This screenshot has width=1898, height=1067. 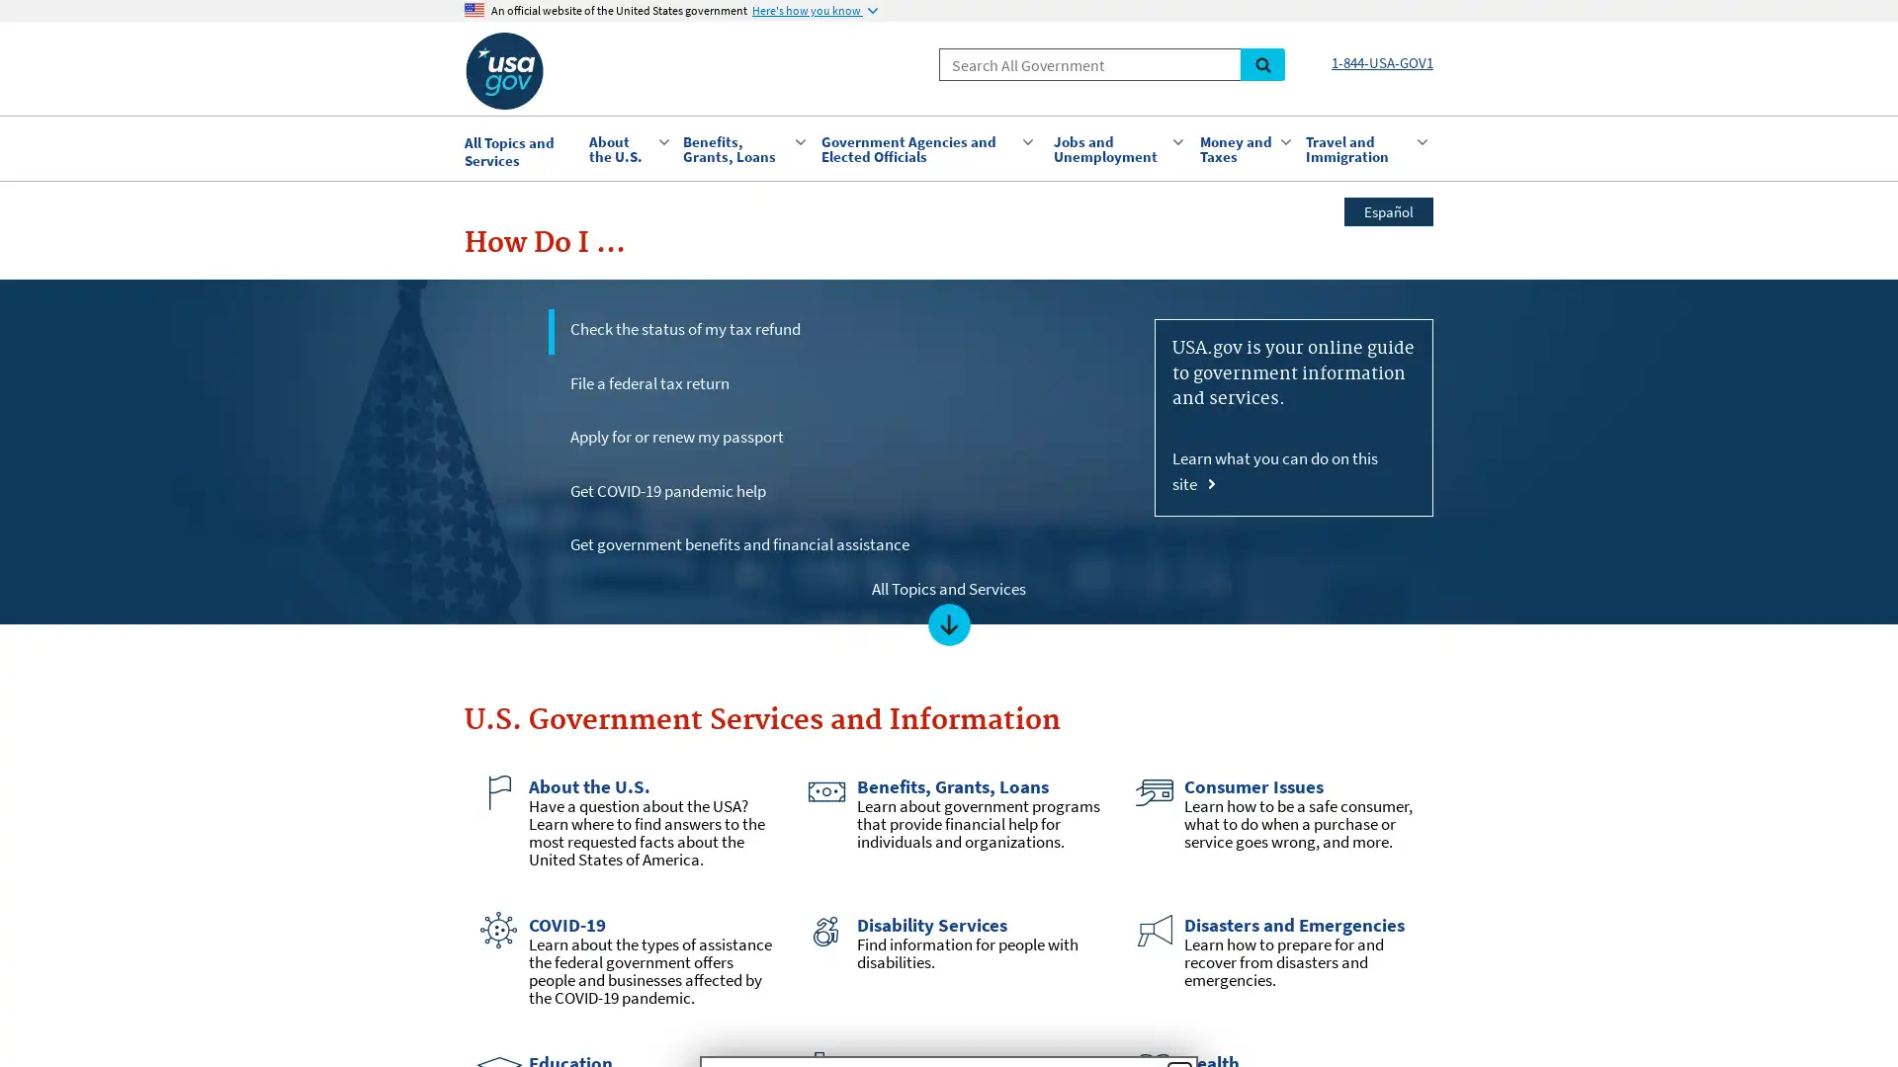 What do you see at coordinates (1030, 587) in the screenshot?
I see `No Thanks` at bounding box center [1030, 587].